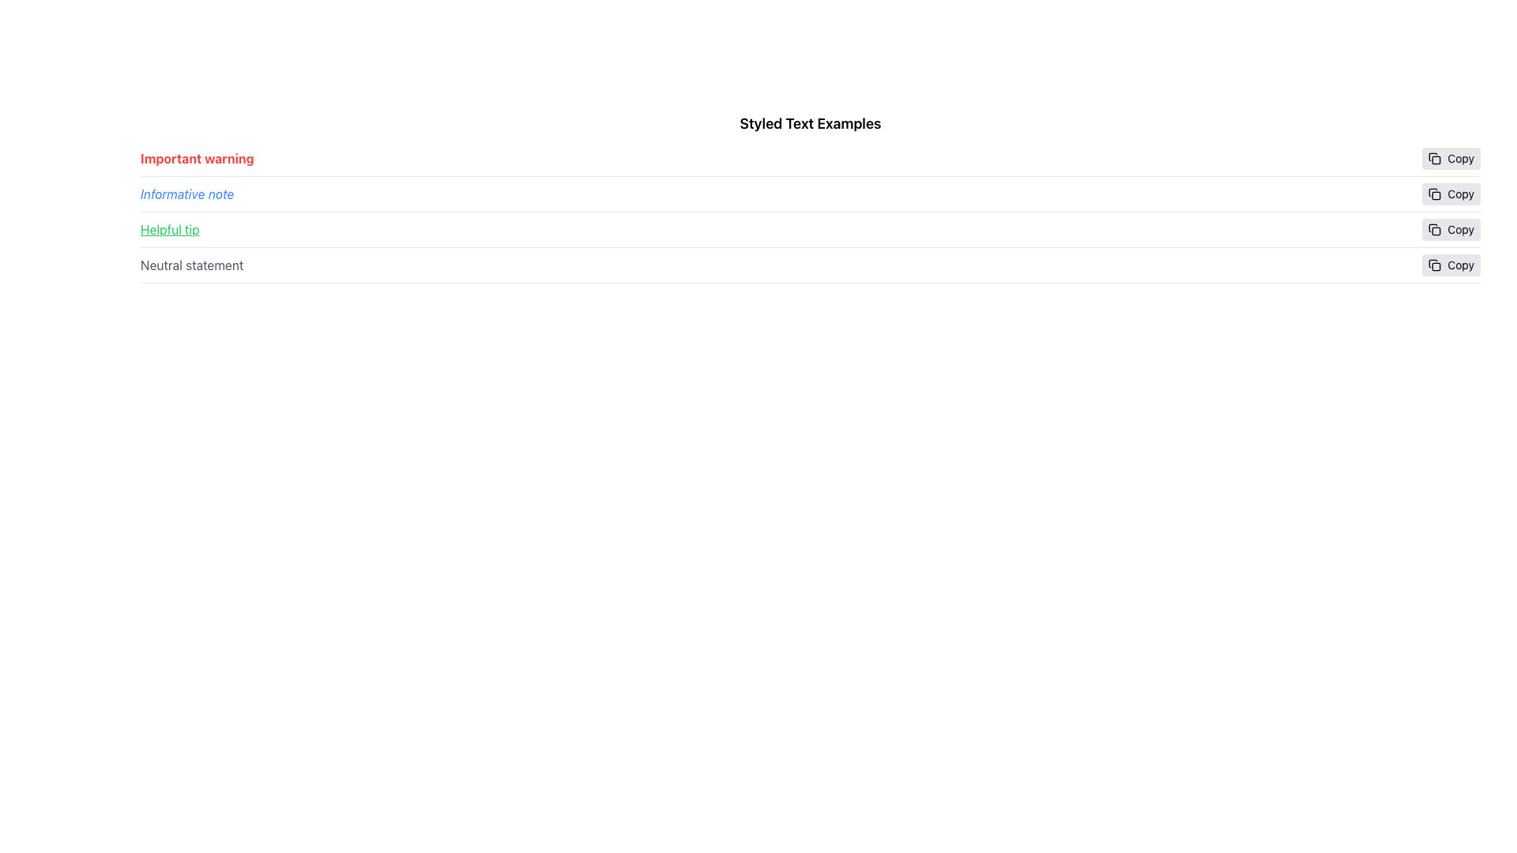 This screenshot has width=1517, height=853. Describe the element at coordinates (1460, 194) in the screenshot. I see `the 'Copy' text label, which is displayed in a small standard font on a light gray background, positioned at the far right edge of the interface and aligned to the right of the 'Neutral statement' label` at that location.